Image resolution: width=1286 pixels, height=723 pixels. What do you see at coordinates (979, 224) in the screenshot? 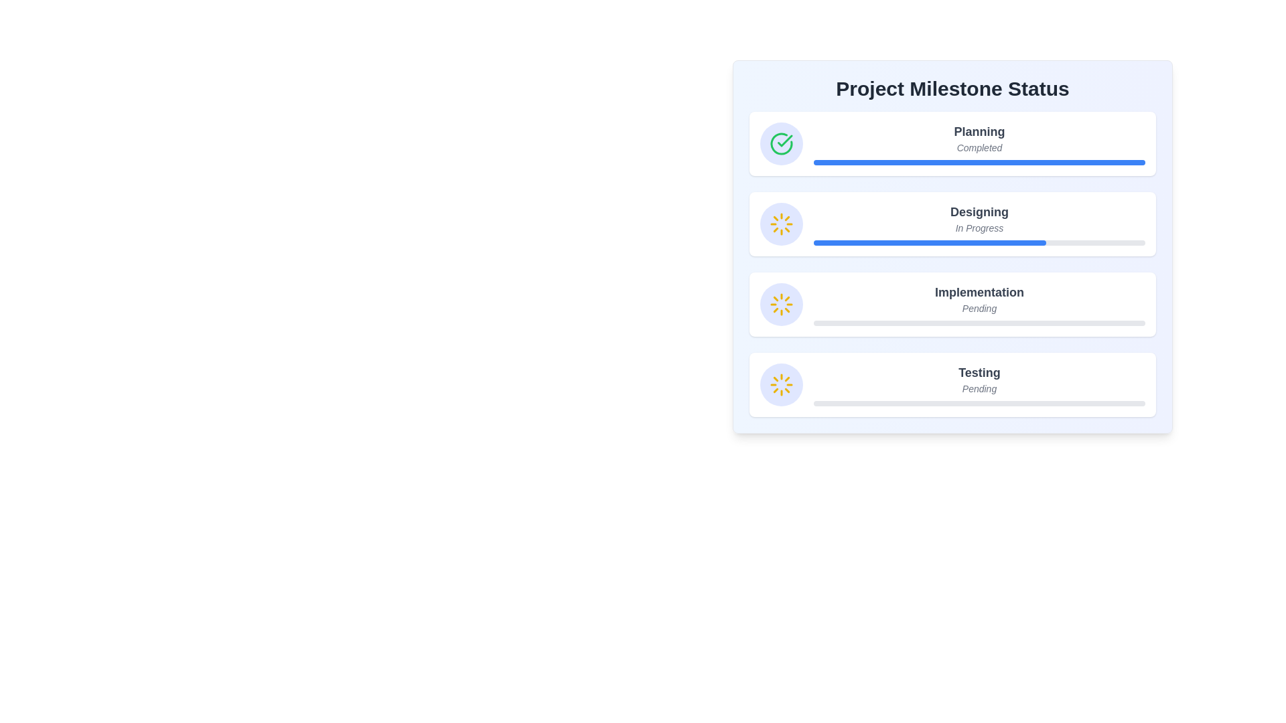
I see `the progress indicator titled 'Designing' with the subtitle 'In Progress' which displays a mostly filled progress bar, located under the 'Project Milestone Status' header` at bounding box center [979, 224].